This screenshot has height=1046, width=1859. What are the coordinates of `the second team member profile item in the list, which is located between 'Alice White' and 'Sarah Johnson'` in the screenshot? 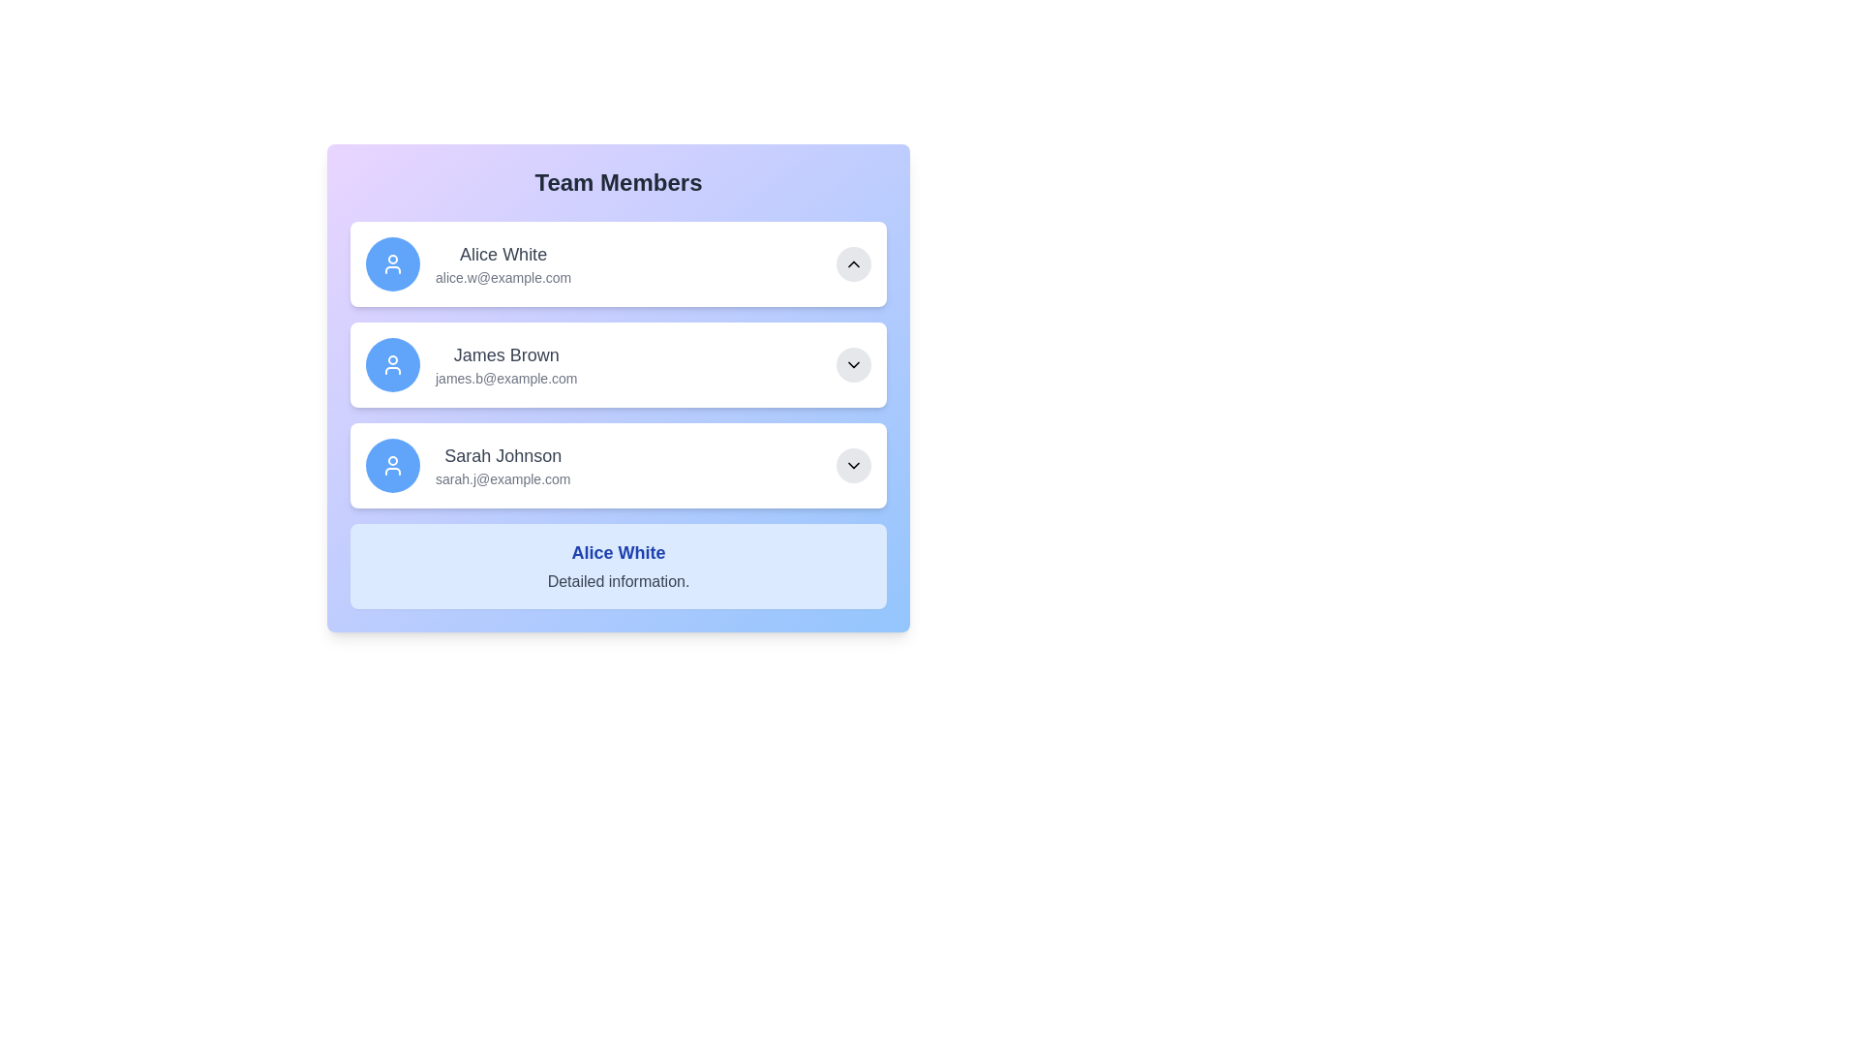 It's located at (617, 365).